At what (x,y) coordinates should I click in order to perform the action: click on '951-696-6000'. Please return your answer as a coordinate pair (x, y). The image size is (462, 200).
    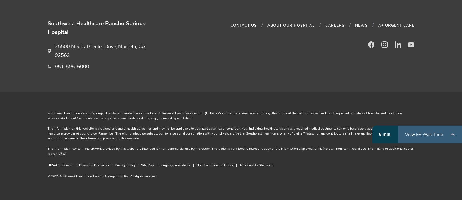
    Looking at the image, I should click on (72, 67).